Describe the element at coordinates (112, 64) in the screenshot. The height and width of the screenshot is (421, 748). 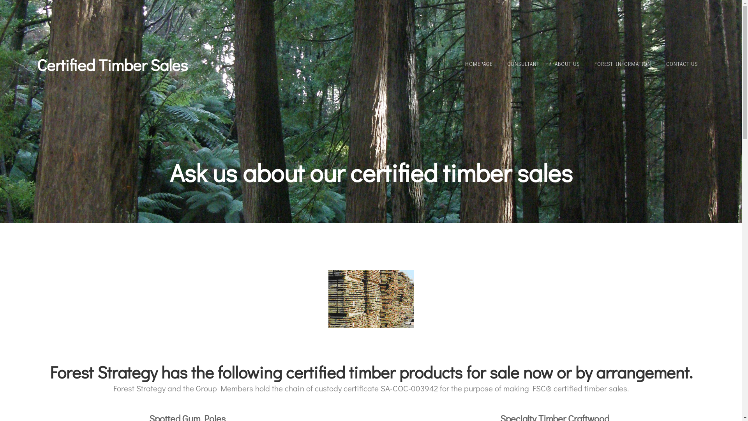
I see `'Certified Timber Sales'` at that location.